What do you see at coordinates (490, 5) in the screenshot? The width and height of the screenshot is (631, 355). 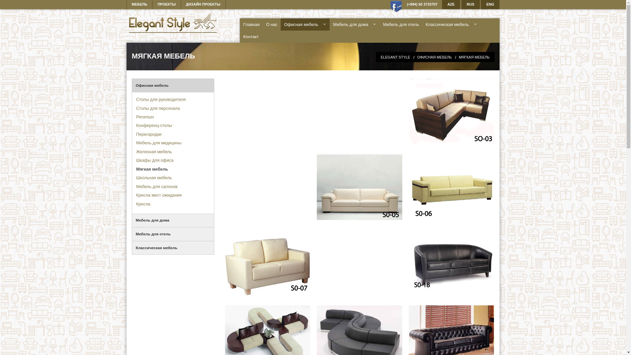 I see `'ENG'` at bounding box center [490, 5].